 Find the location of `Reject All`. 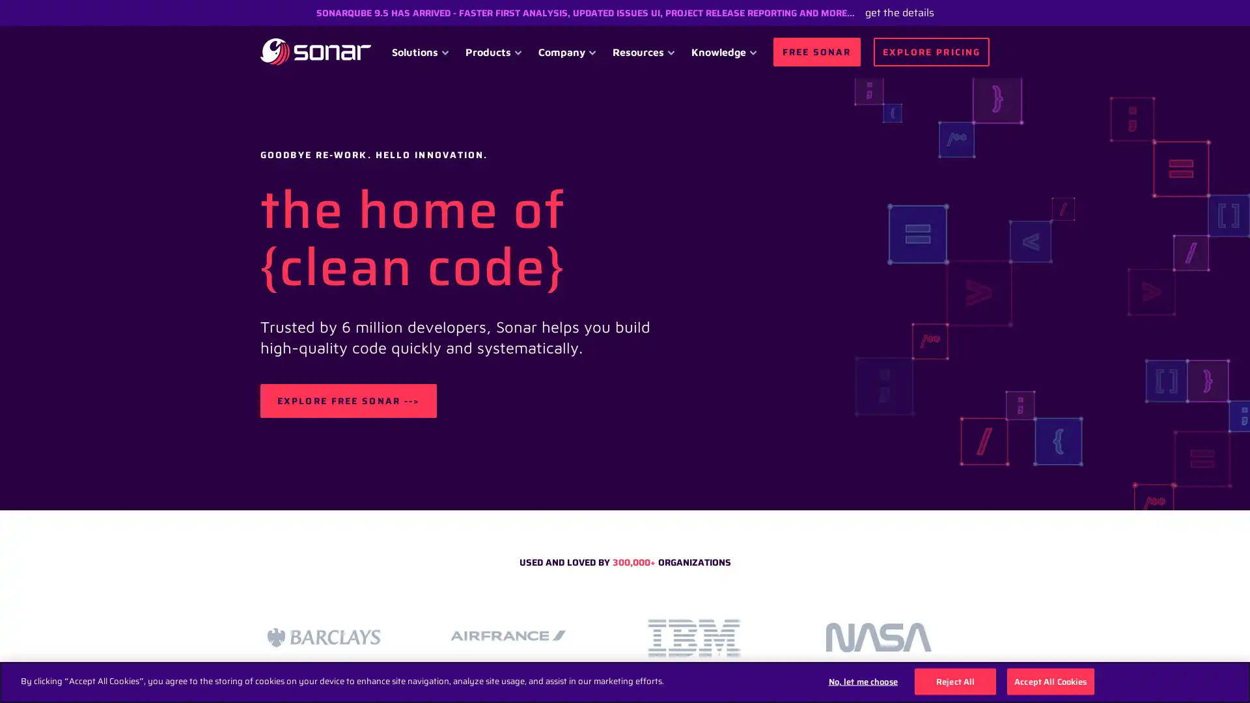

Reject All is located at coordinates (955, 680).